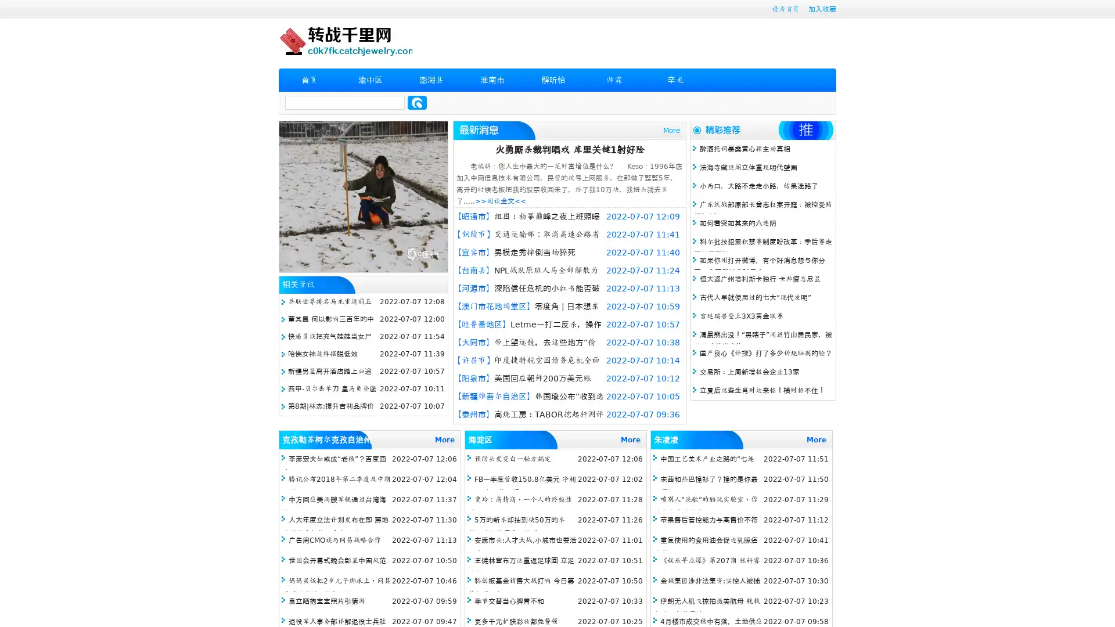 The height and width of the screenshot is (627, 1115). Describe the element at coordinates (417, 102) in the screenshot. I see `Search` at that location.